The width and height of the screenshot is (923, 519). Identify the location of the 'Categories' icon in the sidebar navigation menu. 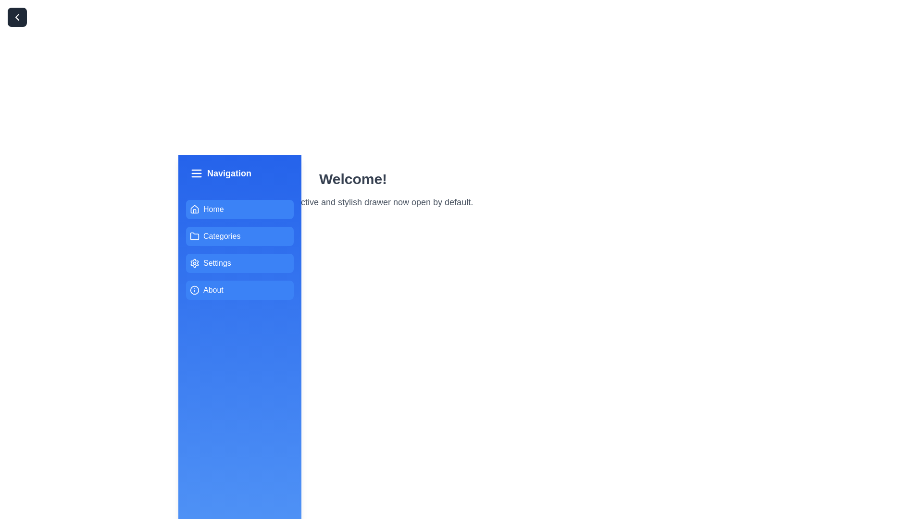
(194, 235).